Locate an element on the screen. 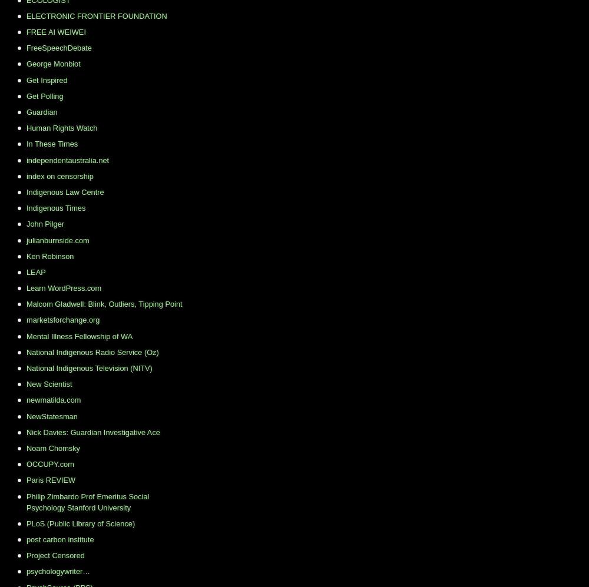 This screenshot has width=589, height=587. 'In These Times' is located at coordinates (51, 143).